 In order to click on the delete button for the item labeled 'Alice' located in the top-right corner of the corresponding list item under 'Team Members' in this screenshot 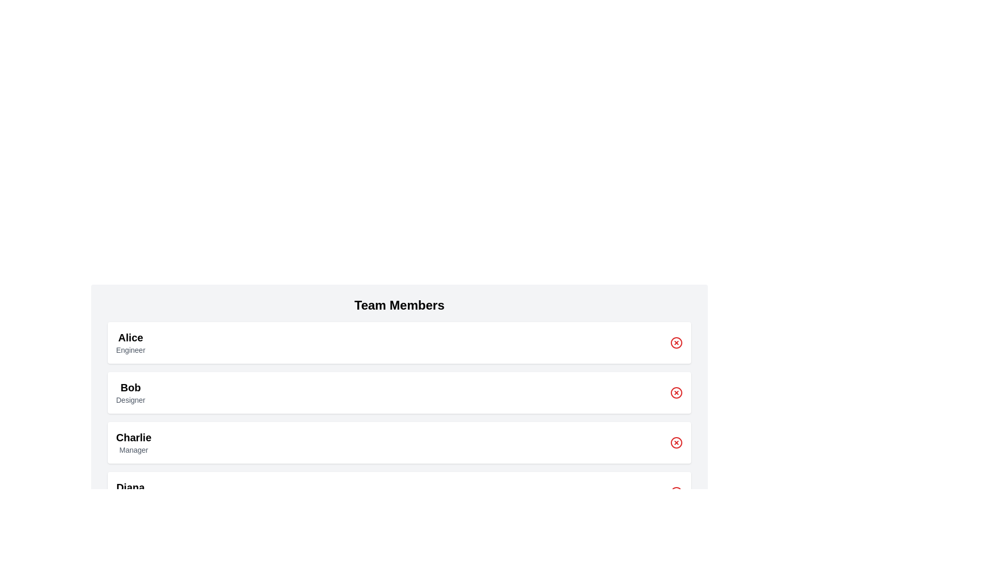, I will do `click(677, 343)`.